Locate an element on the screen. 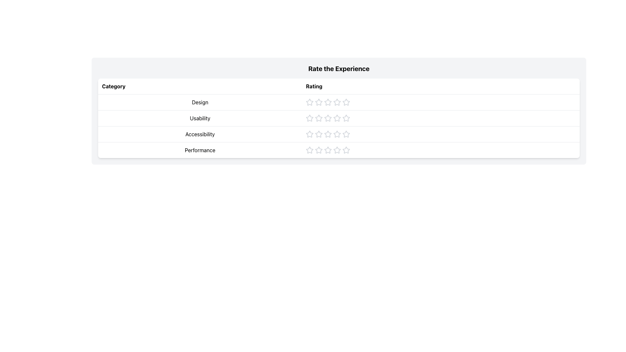 This screenshot has height=352, width=626. the third star icon in the 5-star rating system to assign a rating for the 'Design' row is located at coordinates (337, 102).